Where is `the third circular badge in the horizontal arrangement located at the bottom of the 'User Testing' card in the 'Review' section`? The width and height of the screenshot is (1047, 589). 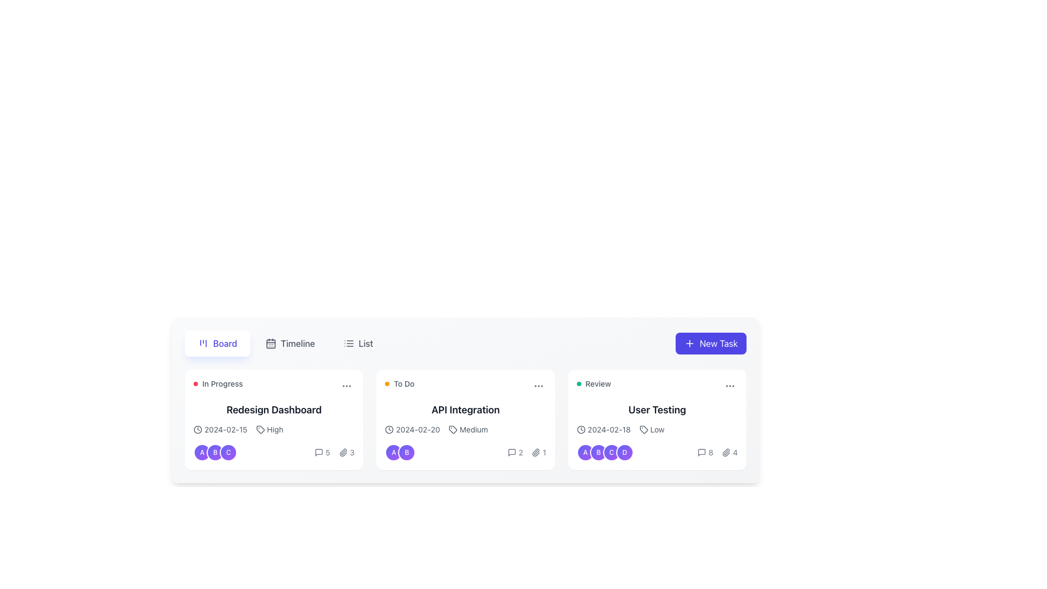 the third circular badge in the horizontal arrangement located at the bottom of the 'User Testing' card in the 'Review' section is located at coordinates (611, 452).